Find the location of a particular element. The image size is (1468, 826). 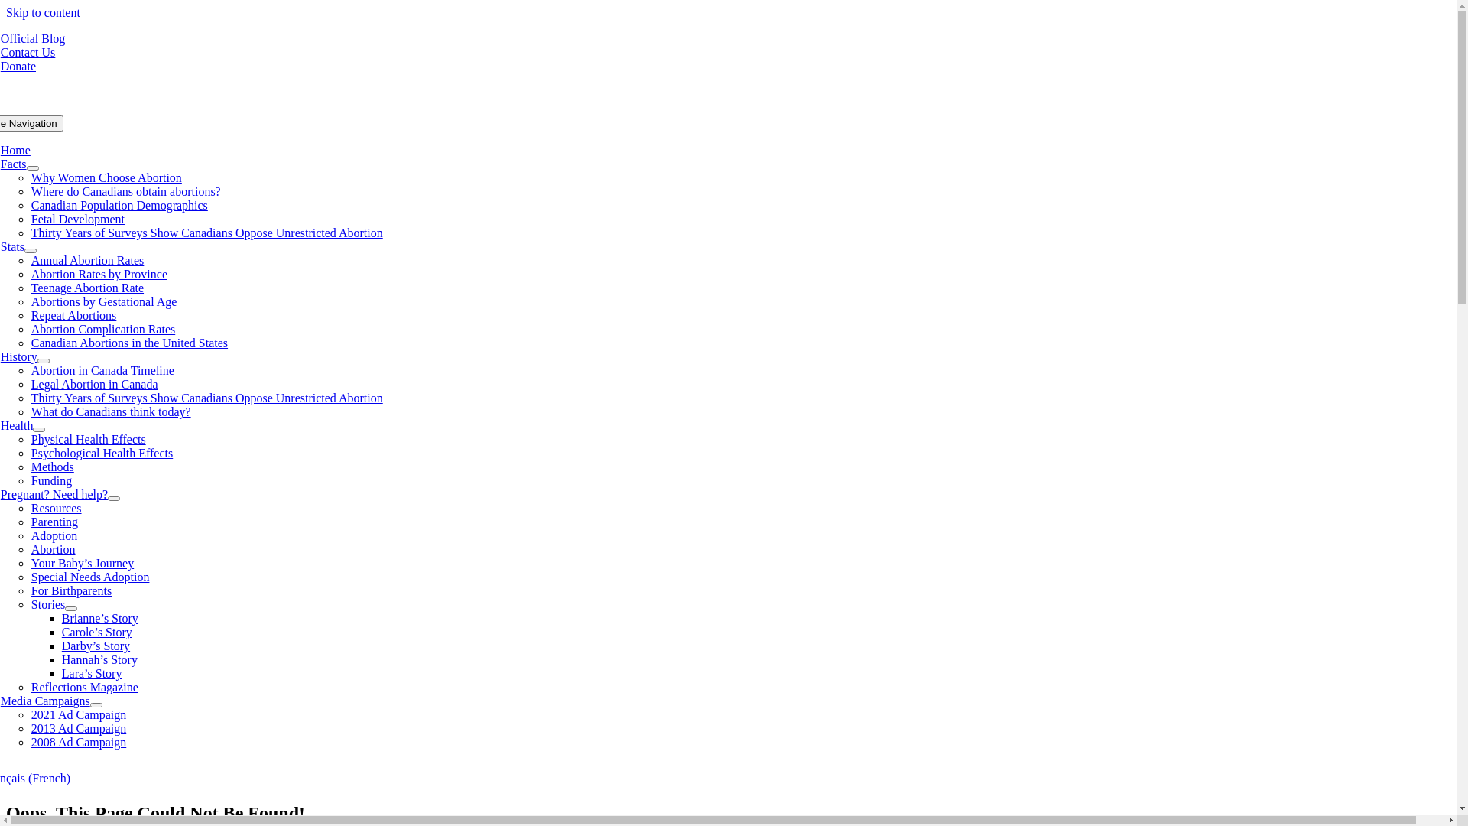

'Official Blog' is located at coordinates (33, 37).